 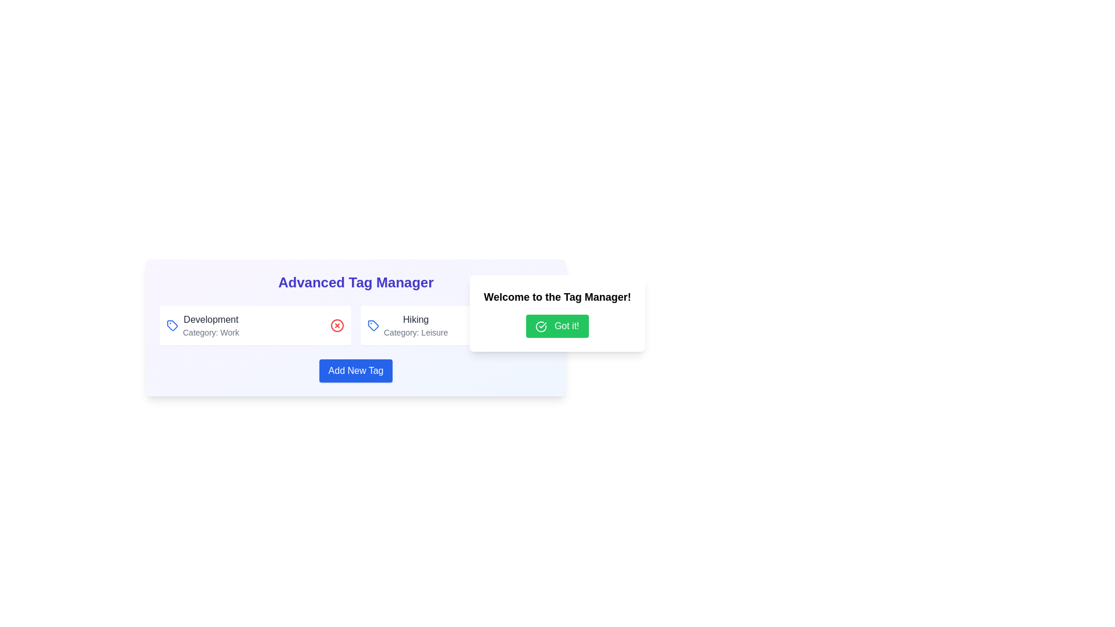 What do you see at coordinates (456, 325) in the screenshot?
I see `the 'Hiking' card` at bounding box center [456, 325].